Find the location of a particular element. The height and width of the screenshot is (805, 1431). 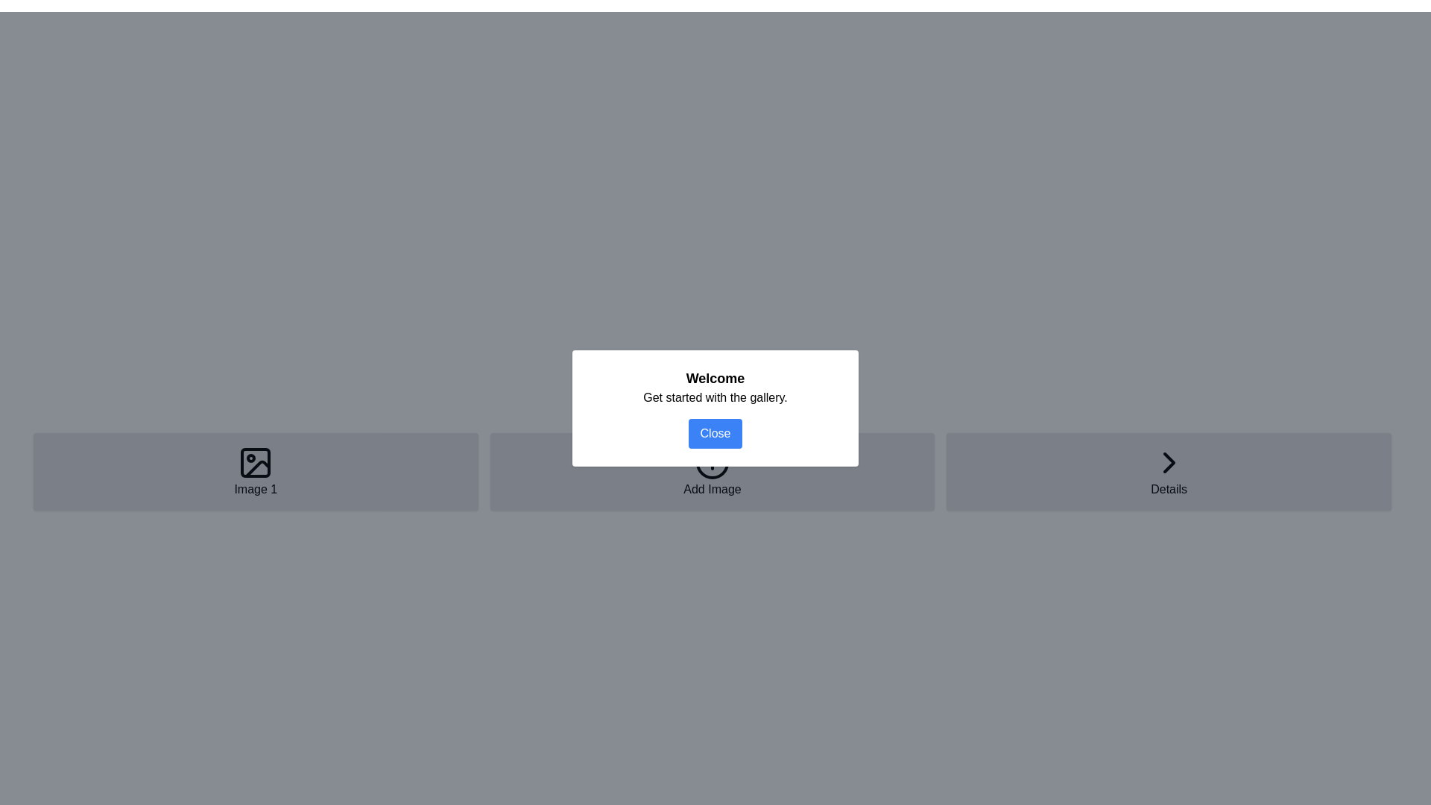

the Interactive Button labeled 'Details' which has a light gray background, rounded corners, and a right-pointing black arrow is located at coordinates (1168, 471).